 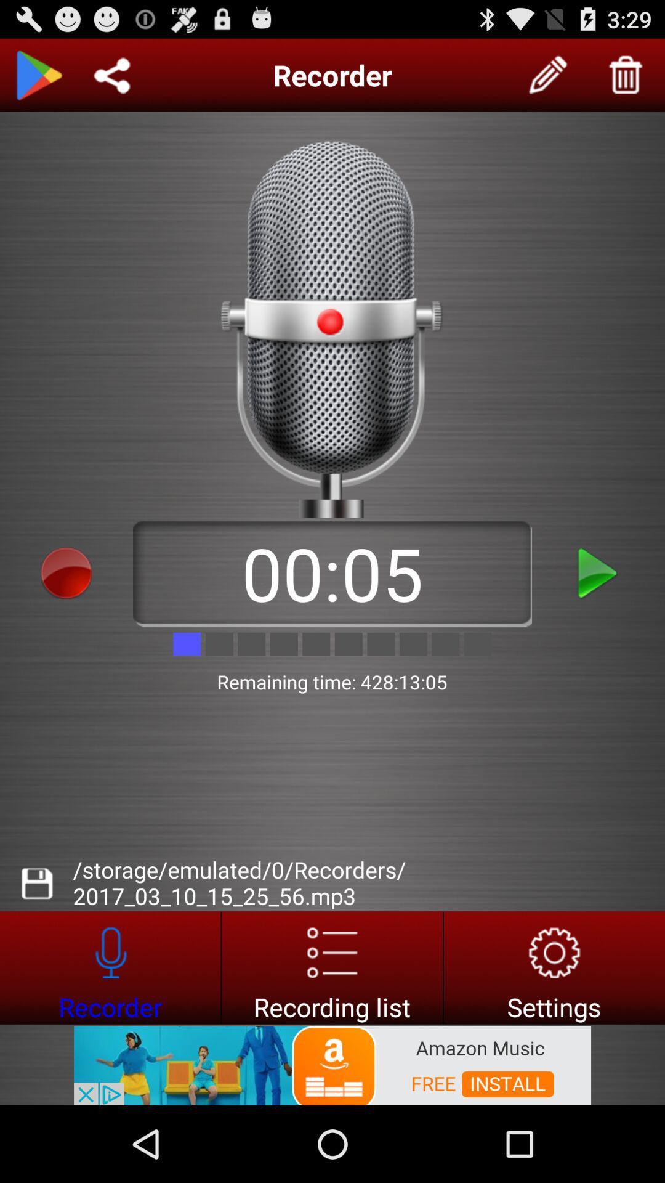 I want to click on the delete icon, so click(x=626, y=79).